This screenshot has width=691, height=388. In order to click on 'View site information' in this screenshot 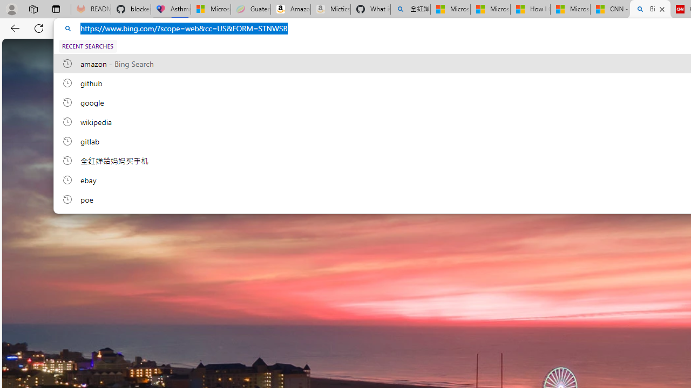, I will do `click(67, 28)`.